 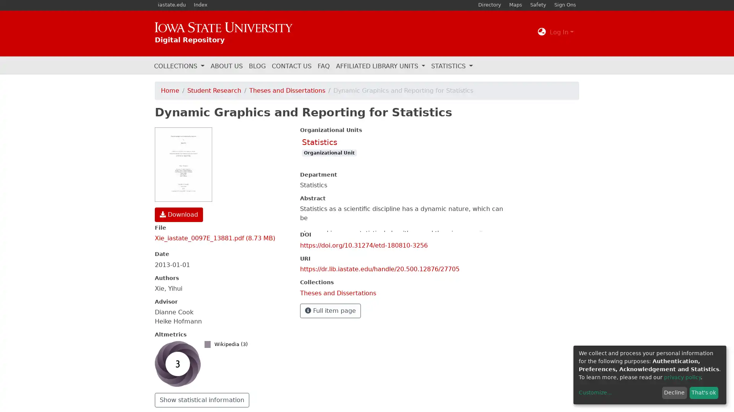 What do you see at coordinates (330, 310) in the screenshot?
I see `Full item page` at bounding box center [330, 310].